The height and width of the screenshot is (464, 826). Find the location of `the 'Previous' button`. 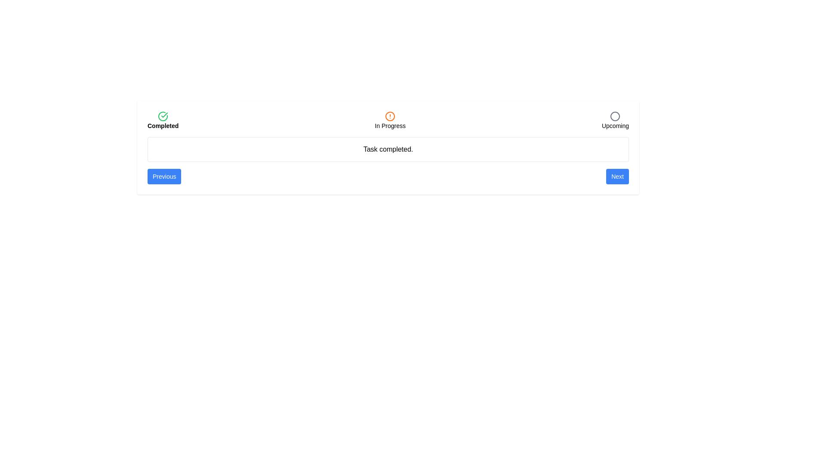

the 'Previous' button is located at coordinates (164, 176).